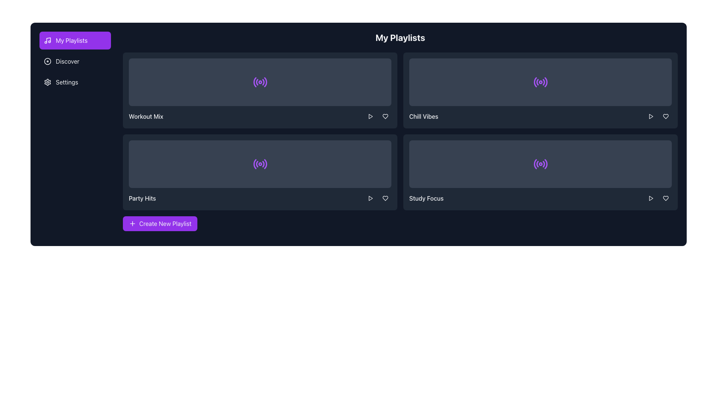  I want to click on the favorite button located at the right side of the second playlist row under the 'Chill Vibes' label, so click(385, 116).